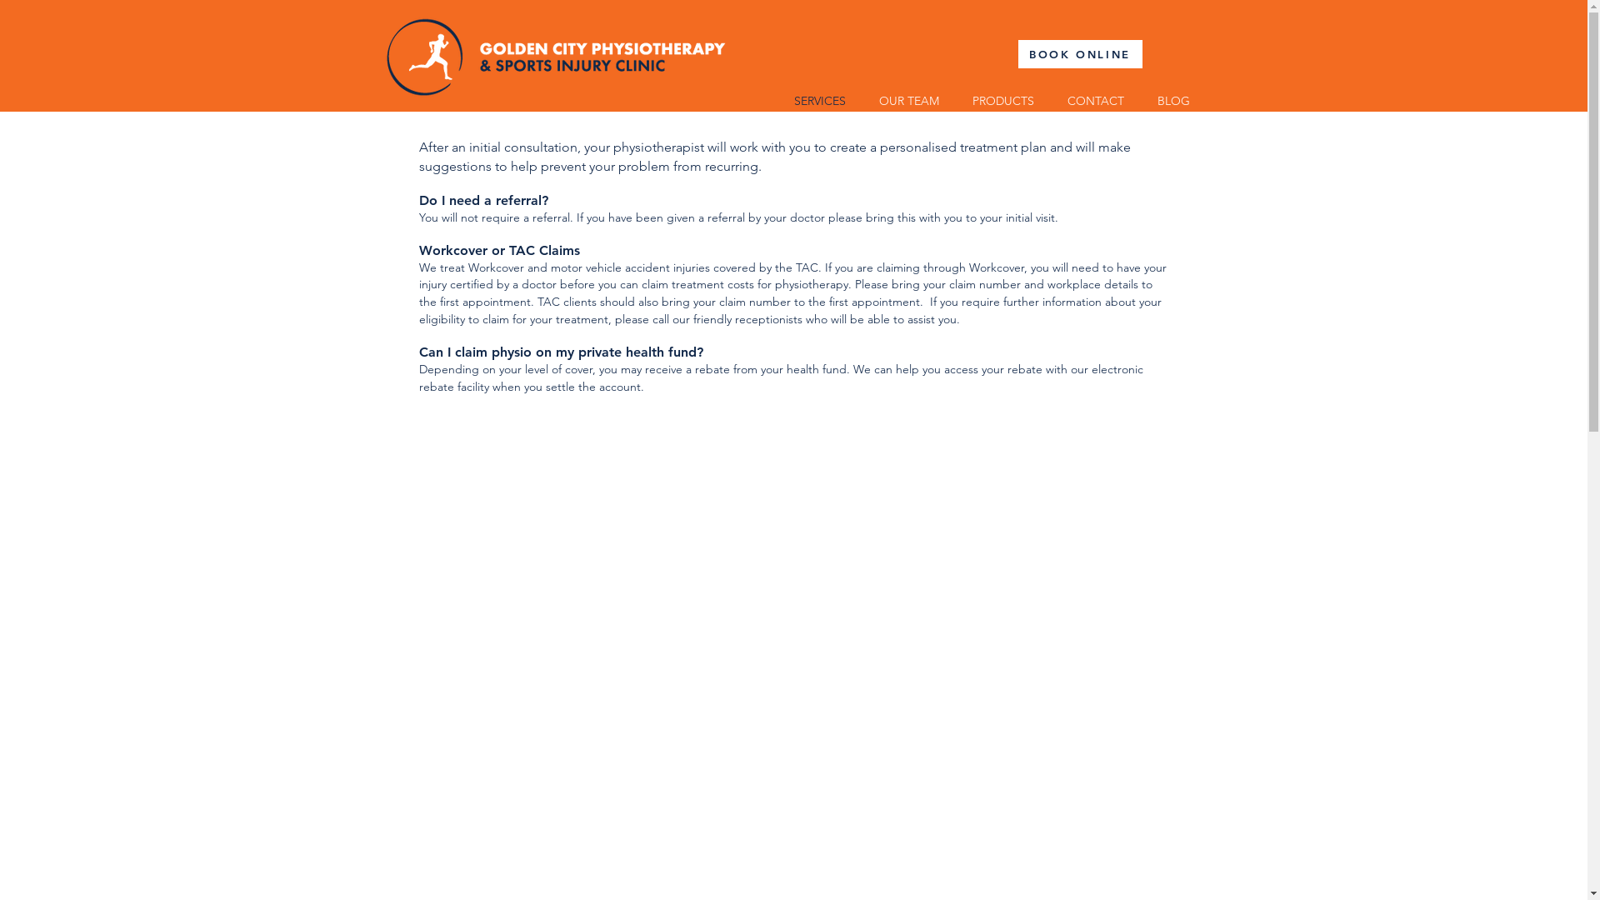  I want to click on 'SERVICES', so click(819, 99).